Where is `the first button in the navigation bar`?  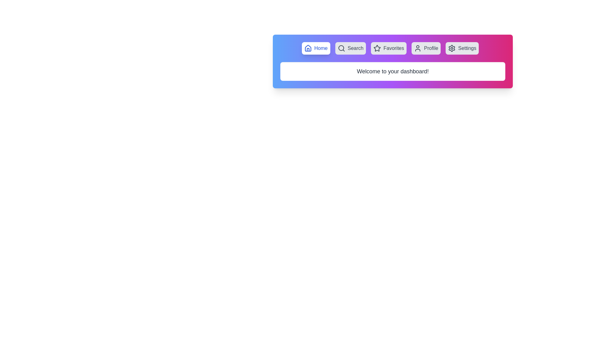 the first button in the navigation bar is located at coordinates (316, 48).